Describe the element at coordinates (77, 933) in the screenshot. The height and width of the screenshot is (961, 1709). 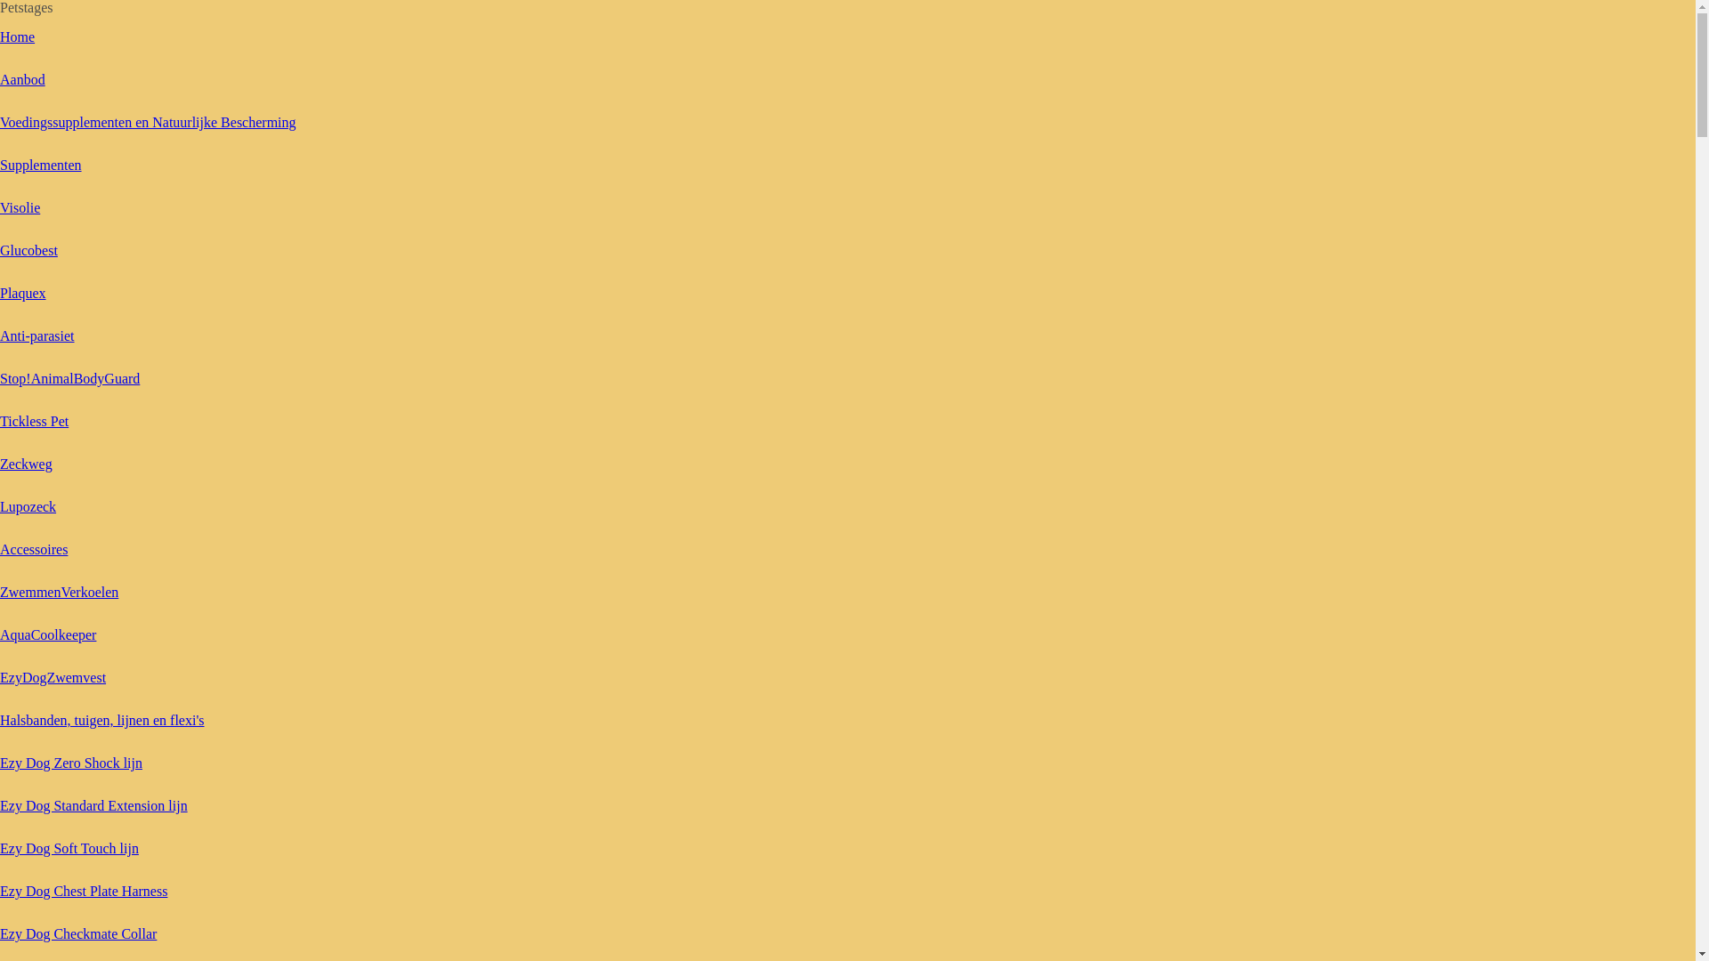
I see `'Ezy Dog Checkmate Collar'` at that location.